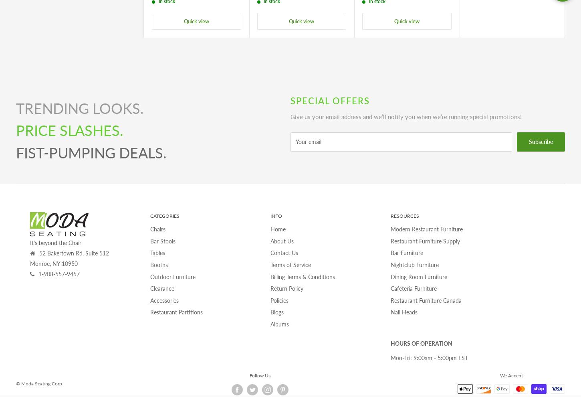 The width and height of the screenshot is (581, 397). What do you see at coordinates (277, 229) in the screenshot?
I see `'Home'` at bounding box center [277, 229].